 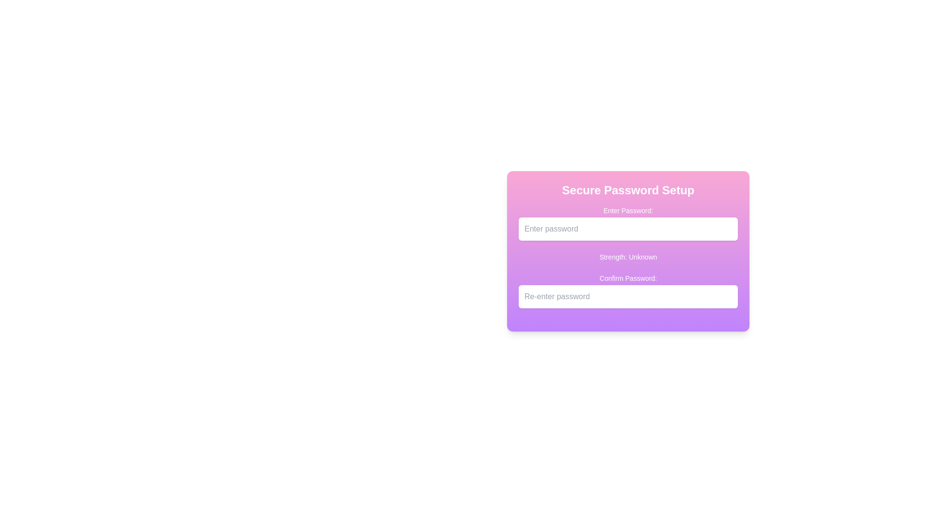 I want to click on label that instructs the user to 'Enter Password:' positioned on a light pink background above the password input field in the 'Secure Password Setup' form, so click(x=628, y=210).